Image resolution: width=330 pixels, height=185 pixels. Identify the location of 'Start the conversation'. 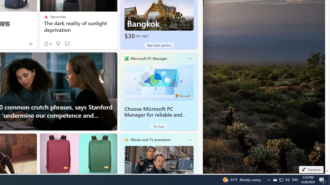
(67, 43).